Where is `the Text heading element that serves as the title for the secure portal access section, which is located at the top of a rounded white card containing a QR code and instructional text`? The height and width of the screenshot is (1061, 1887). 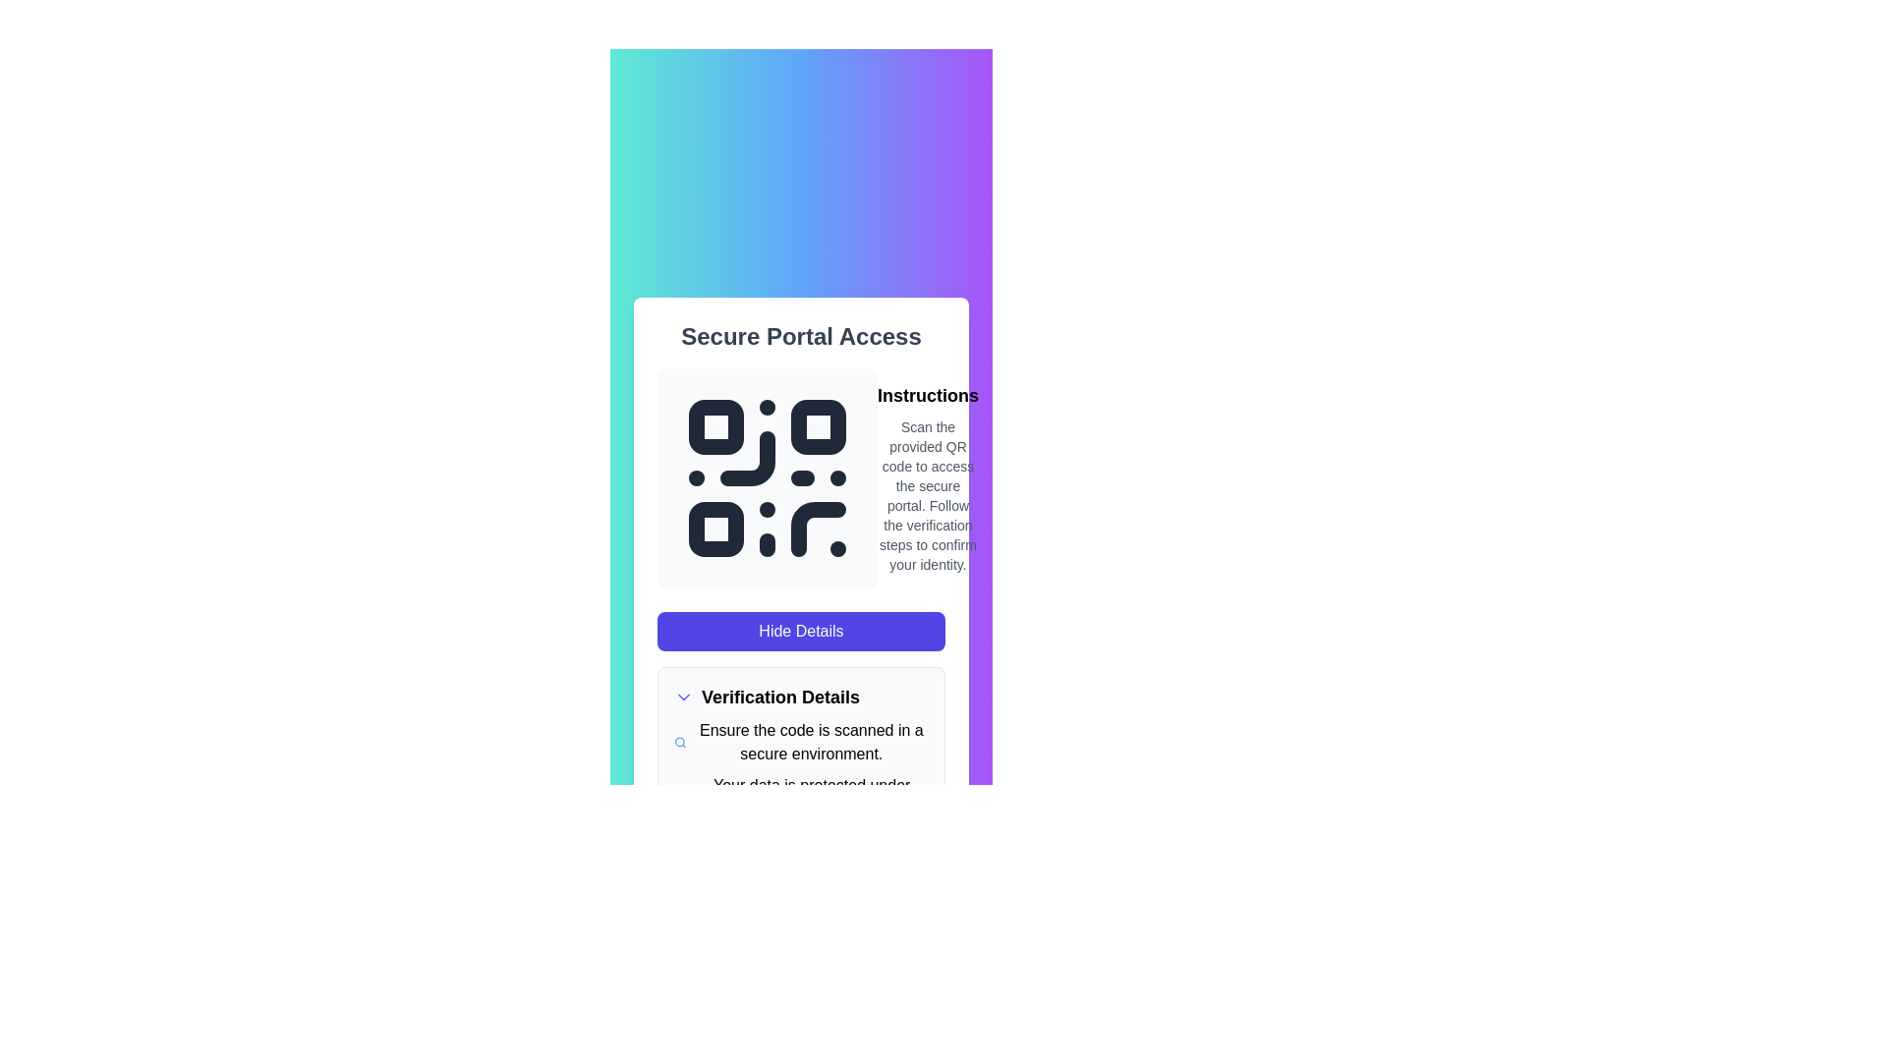 the Text heading element that serves as the title for the secure portal access section, which is located at the top of a rounded white card containing a QR code and instructional text is located at coordinates (801, 336).